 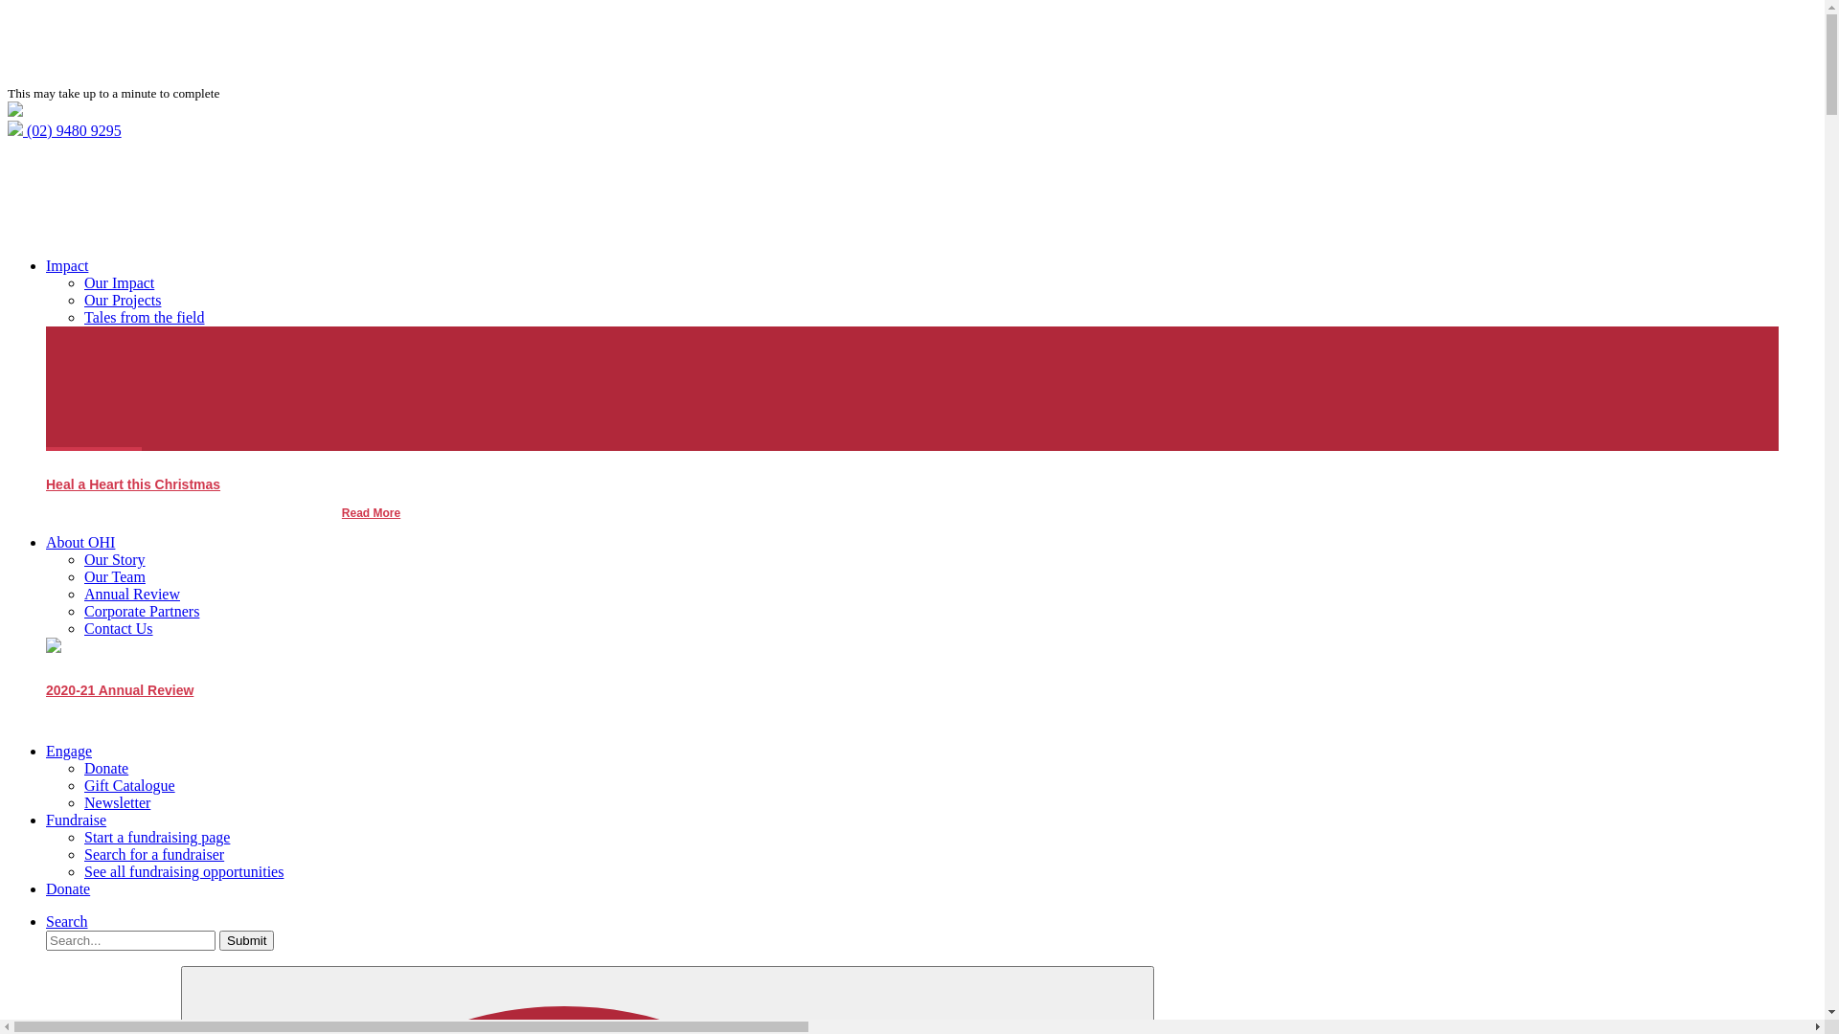 What do you see at coordinates (114, 575) in the screenshot?
I see `'Our Team'` at bounding box center [114, 575].